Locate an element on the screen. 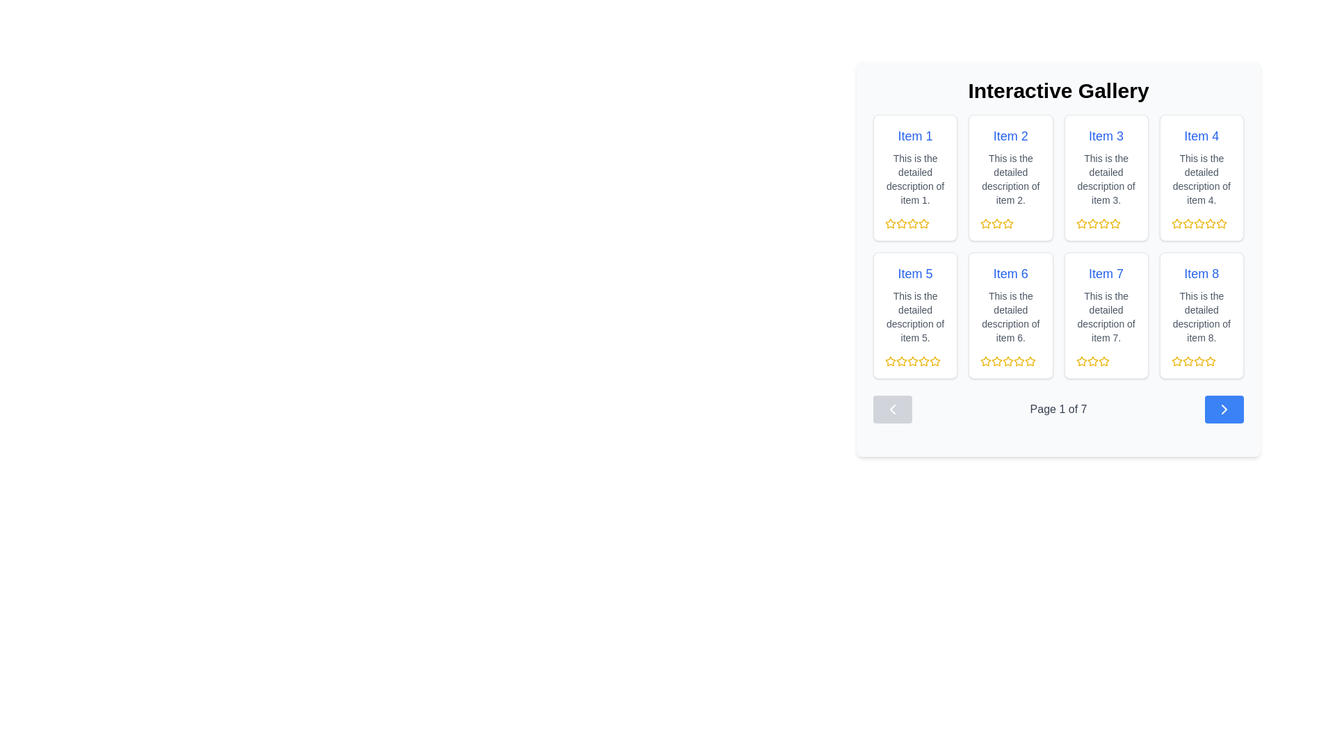  the second yellow star in the 5-star rating system of the 'Item 4' card in the 'Interactive Gallery' is located at coordinates (1187, 223).